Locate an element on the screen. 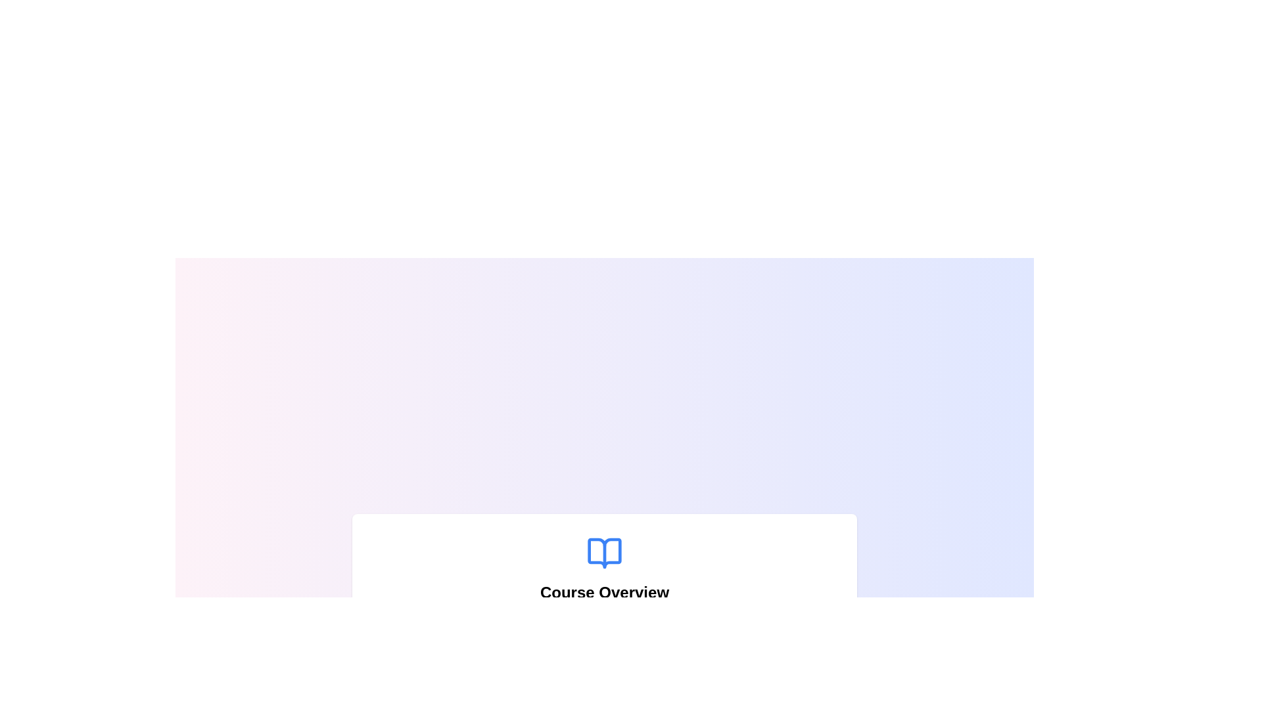 Image resolution: width=1262 pixels, height=709 pixels. left page outline of the book icon, which is part of the 'Course Overview' section in the application is located at coordinates (604, 553).